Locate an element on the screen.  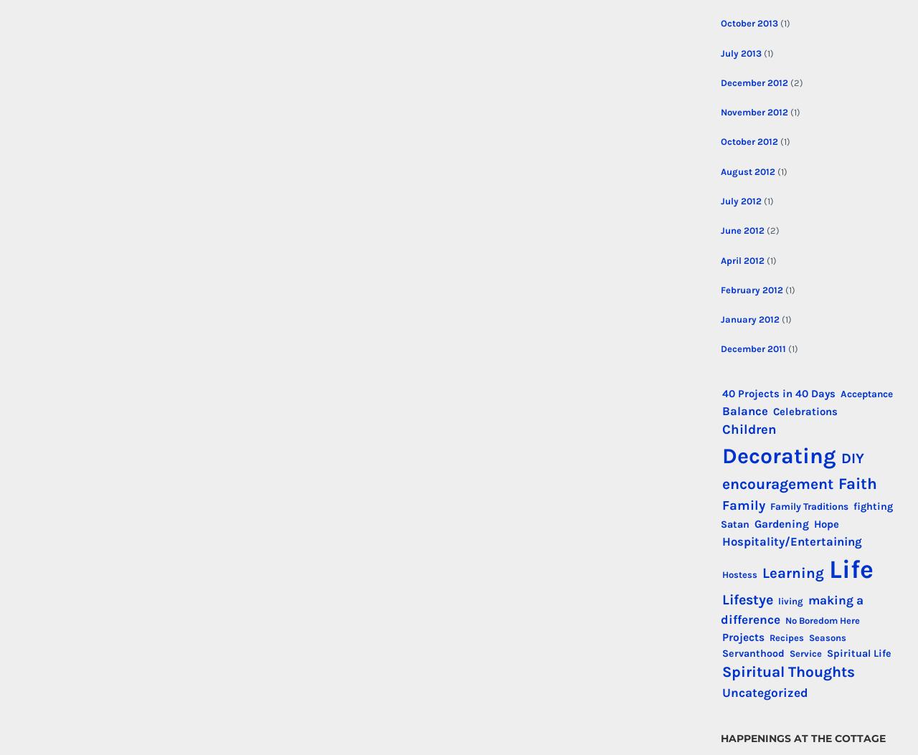
'Spiritual Life' is located at coordinates (858, 652).